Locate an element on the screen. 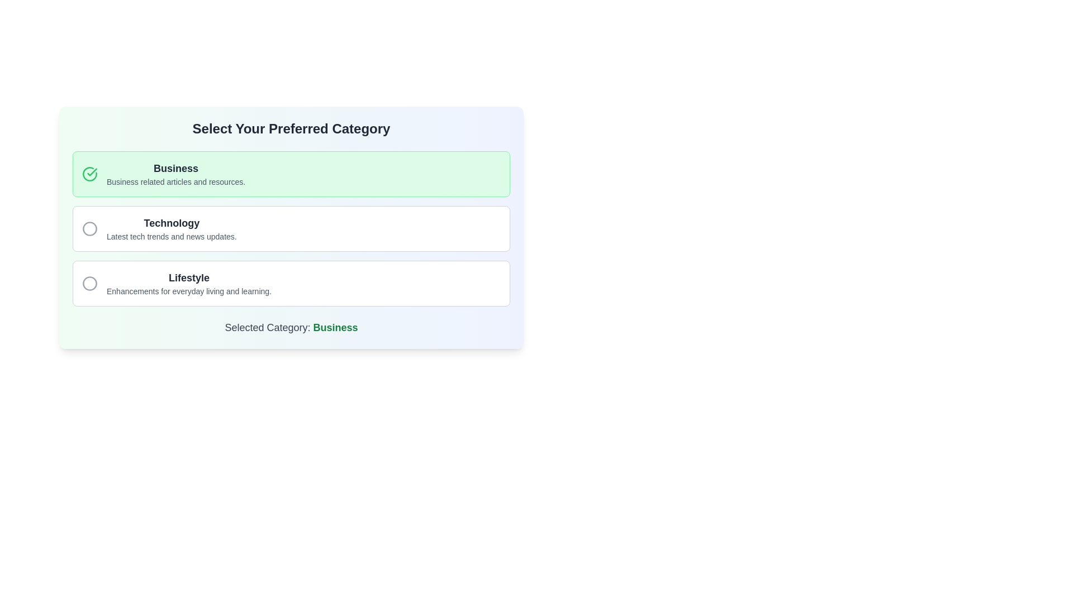  the text label that reads 'Enhancements for everyday living and learning.' which is styled in a smaller font size and light gray color, located under the heading 'Lifestyle' in the third row of a vertical list of categories is located at coordinates (189, 290).